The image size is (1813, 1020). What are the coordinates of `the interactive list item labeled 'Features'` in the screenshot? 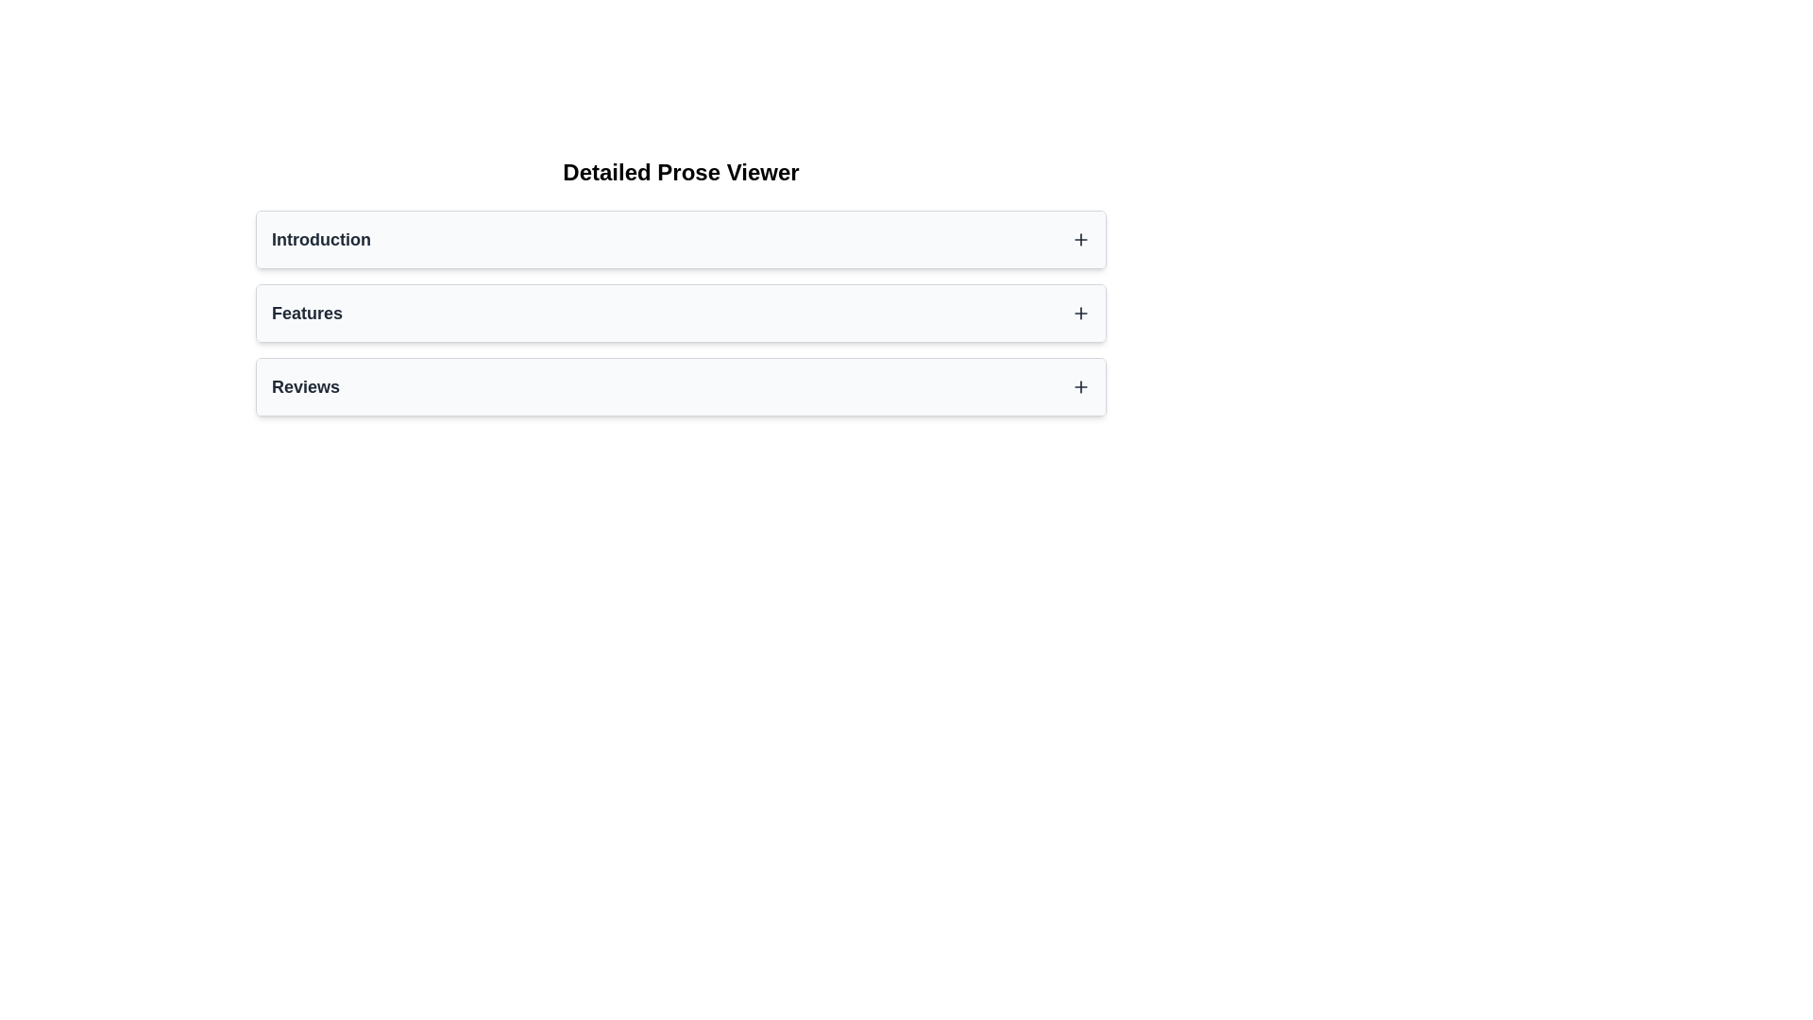 It's located at (680, 312).